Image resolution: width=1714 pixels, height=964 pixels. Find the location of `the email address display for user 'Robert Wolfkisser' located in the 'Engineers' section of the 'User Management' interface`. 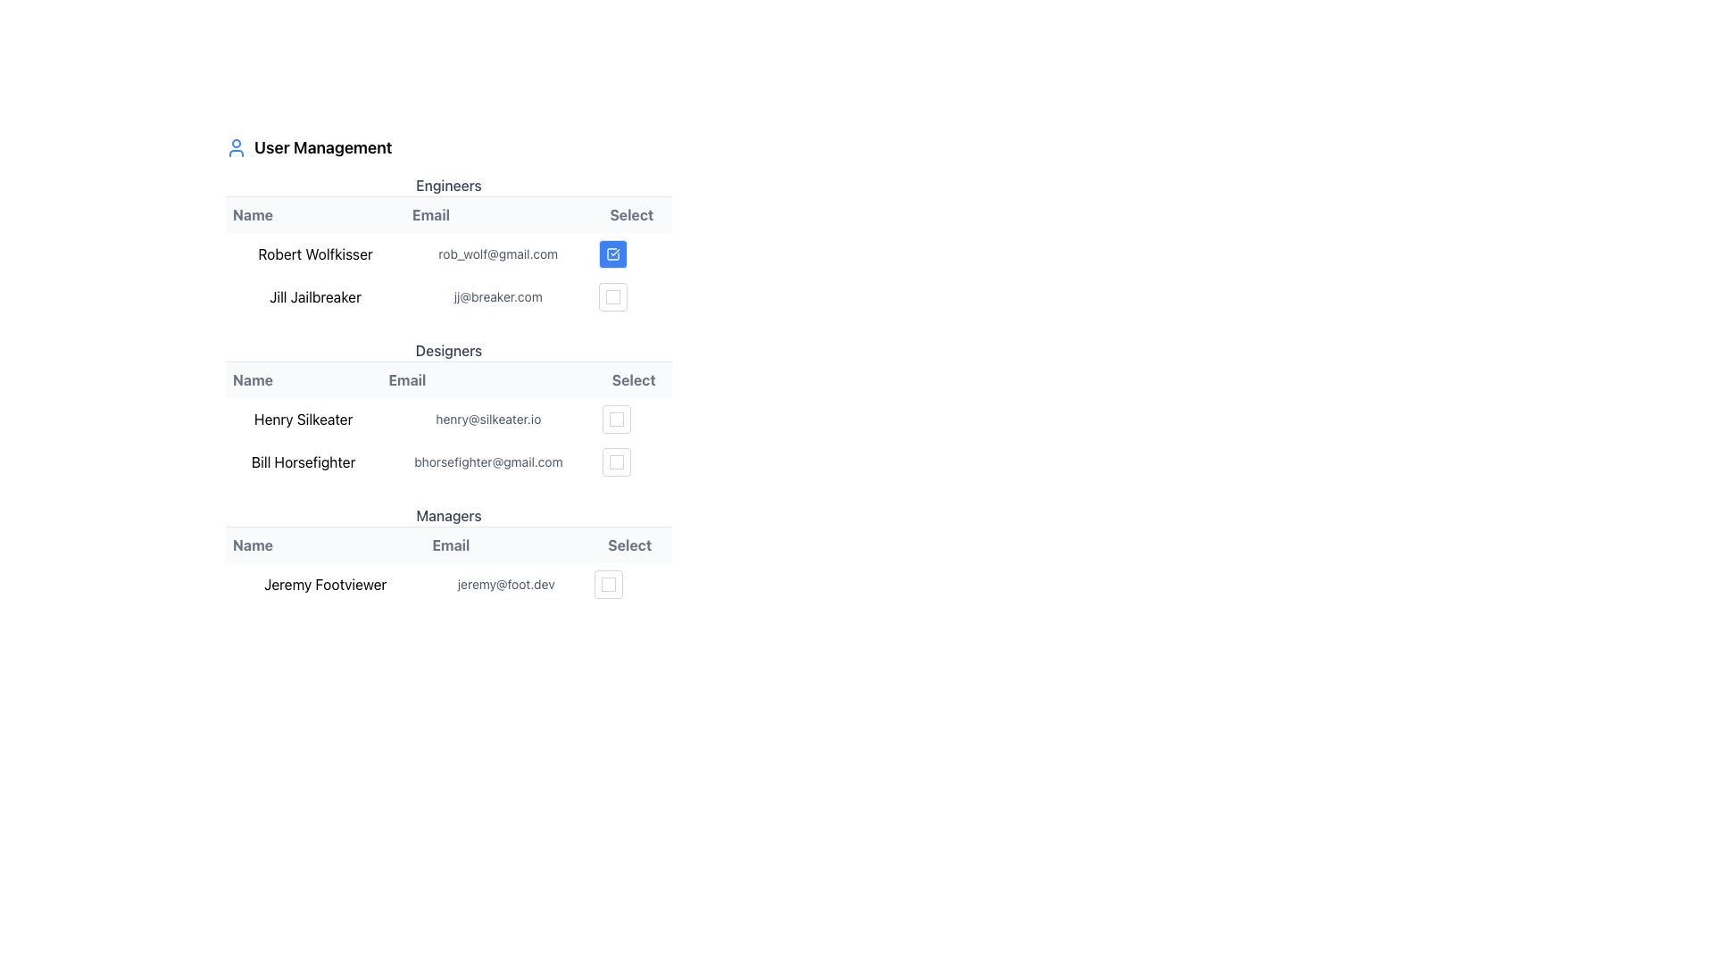

the email address display for user 'Robert Wolfkisser' located in the 'Engineers' section of the 'User Management' interface is located at coordinates (498, 254).